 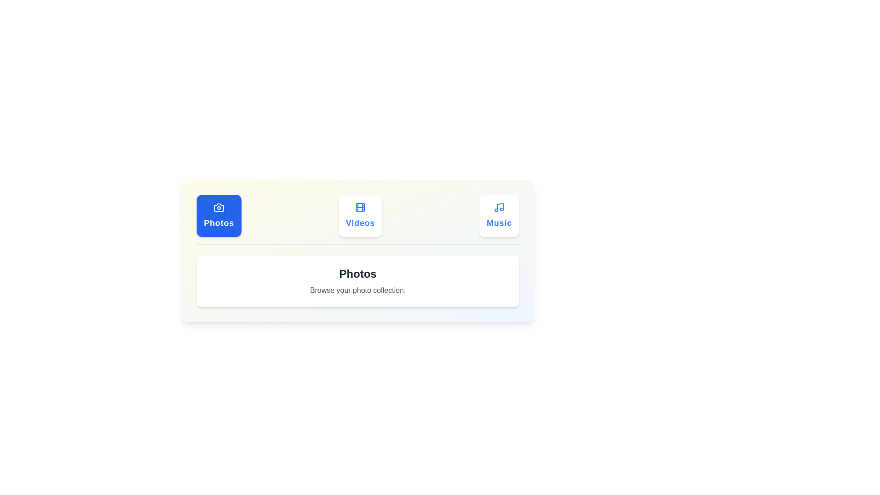 What do you see at coordinates (499, 215) in the screenshot?
I see `the Music tab to observe its content` at bounding box center [499, 215].